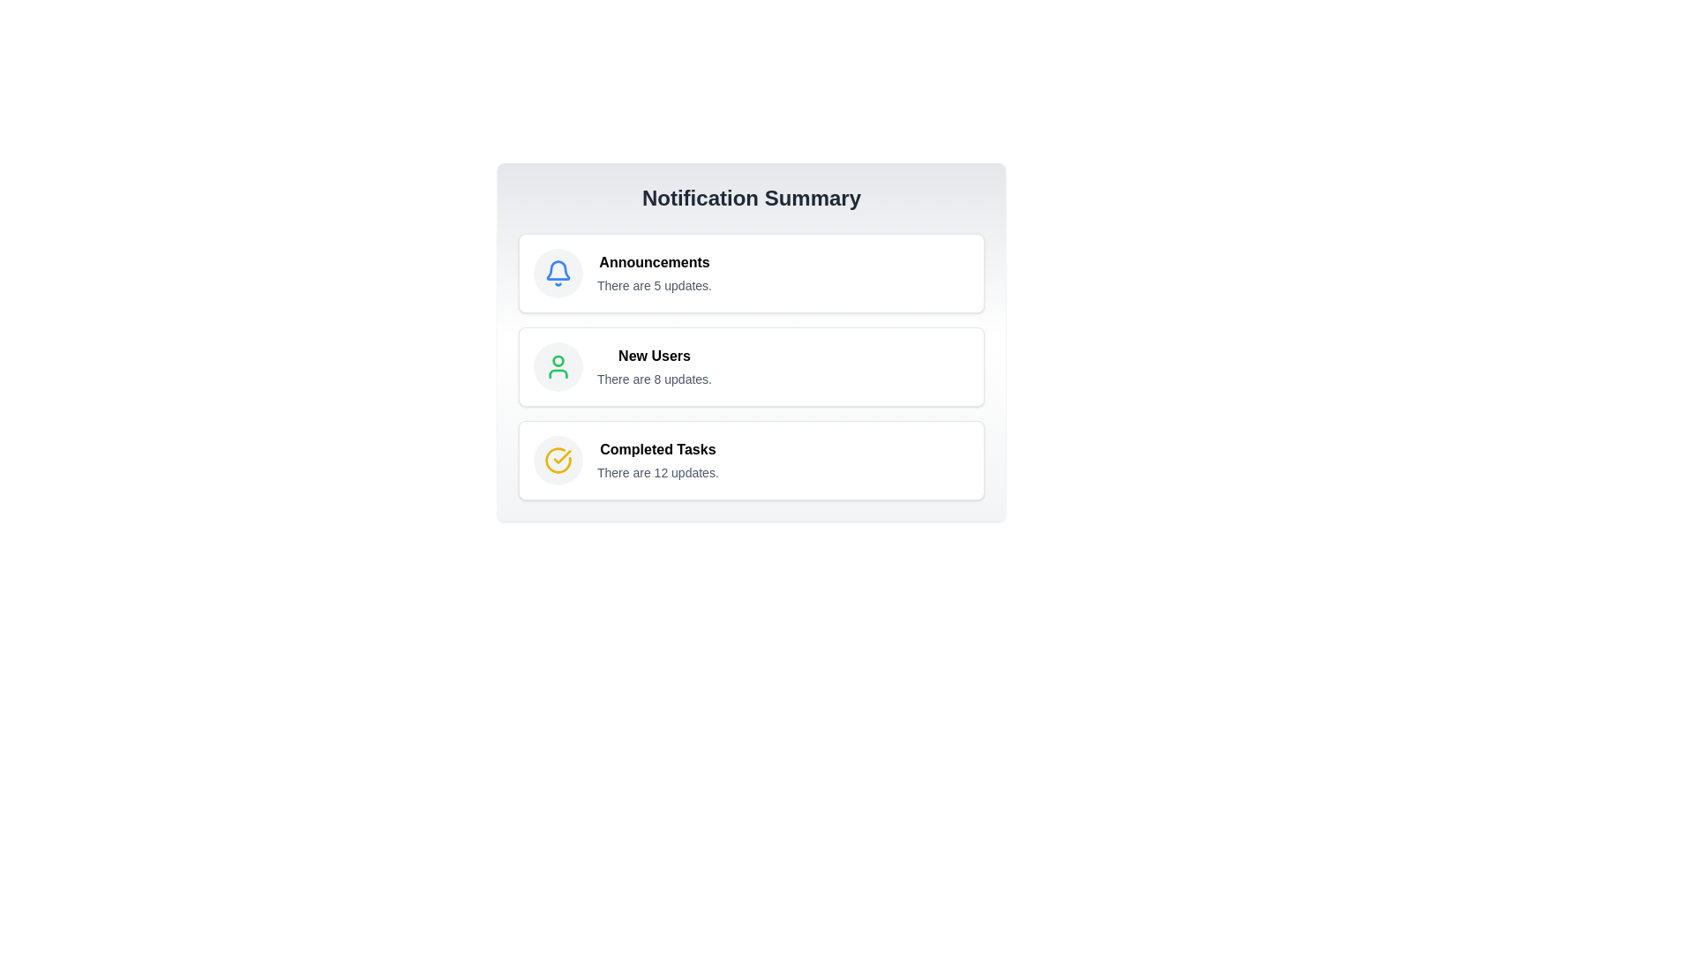 The height and width of the screenshot is (953, 1694). Describe the element at coordinates (654, 285) in the screenshot. I see `the text label that indicates the number of updates available for the 'Announcements' section, positioned below the 'Announcements' heading in the 'Notification Summary' layout` at that location.